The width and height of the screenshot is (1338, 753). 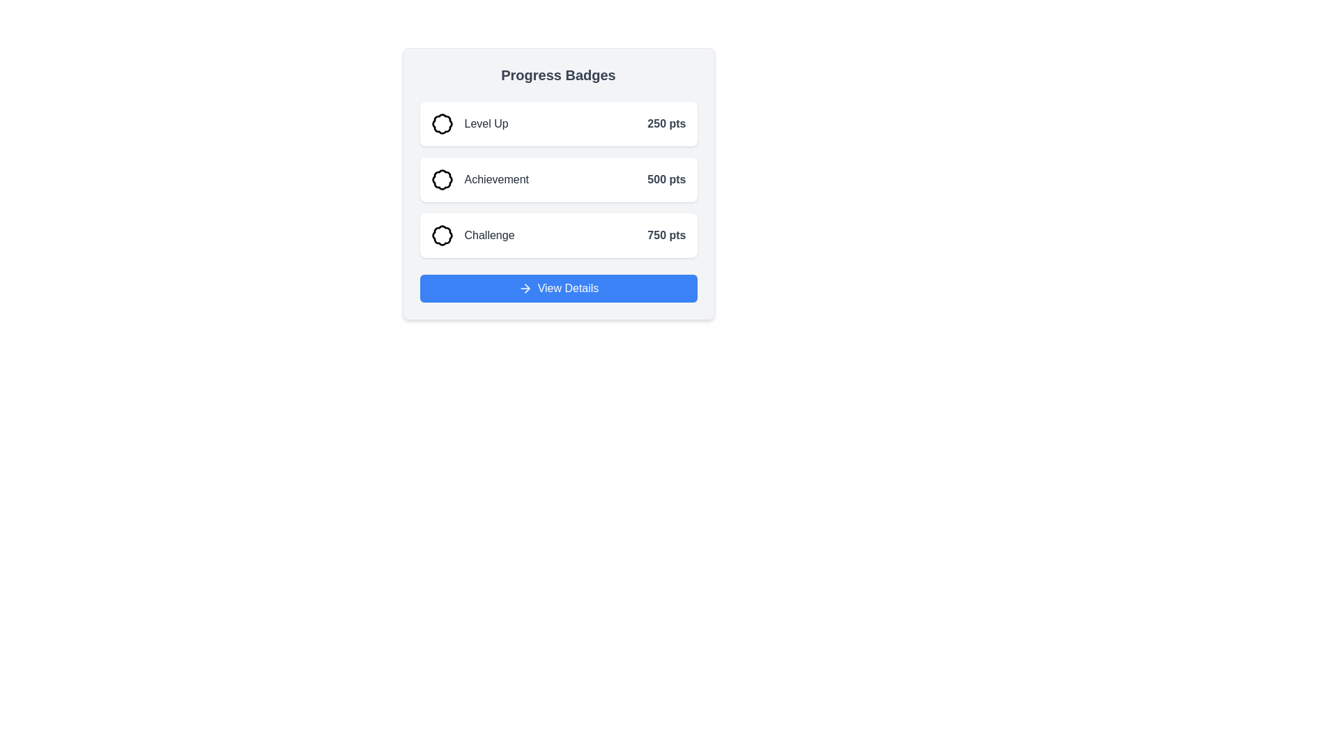 I want to click on the text label displaying 'Achievement' within the 'Progress Badges' box, which is the second item in the list and styled with a medium font weight and grayish color, so click(x=496, y=179).